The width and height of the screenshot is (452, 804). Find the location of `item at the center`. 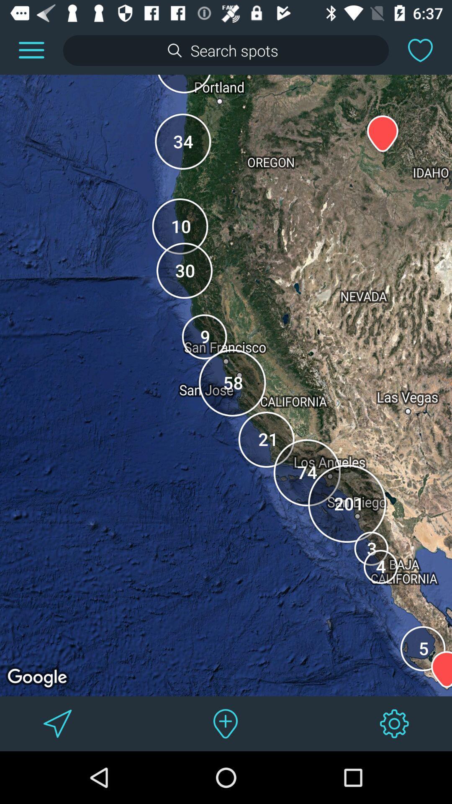

item at the center is located at coordinates (226, 388).